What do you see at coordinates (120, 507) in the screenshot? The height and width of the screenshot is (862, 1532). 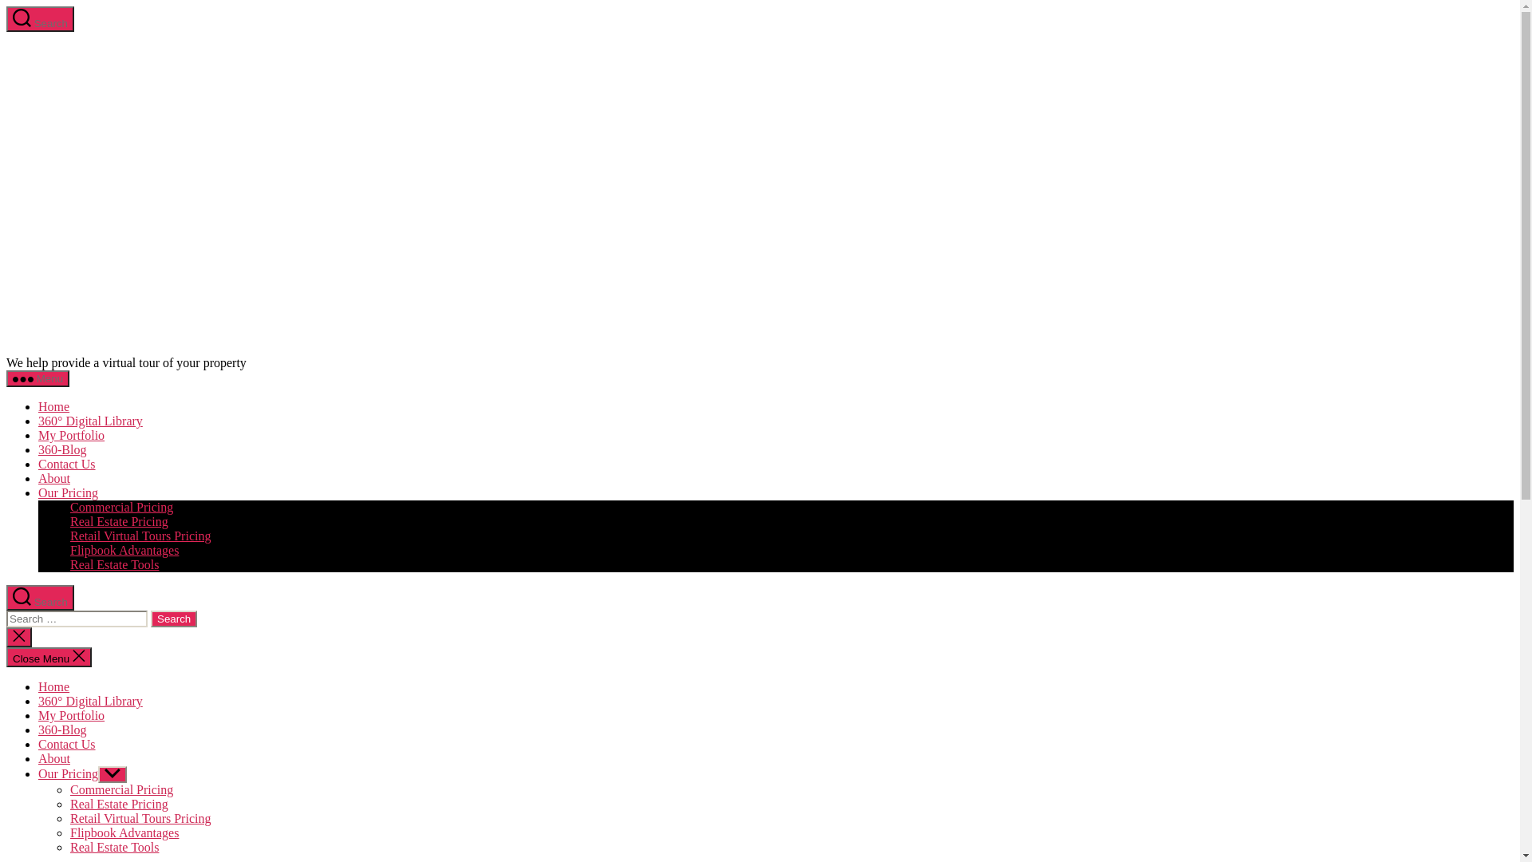 I see `'Commercial Pricing'` at bounding box center [120, 507].